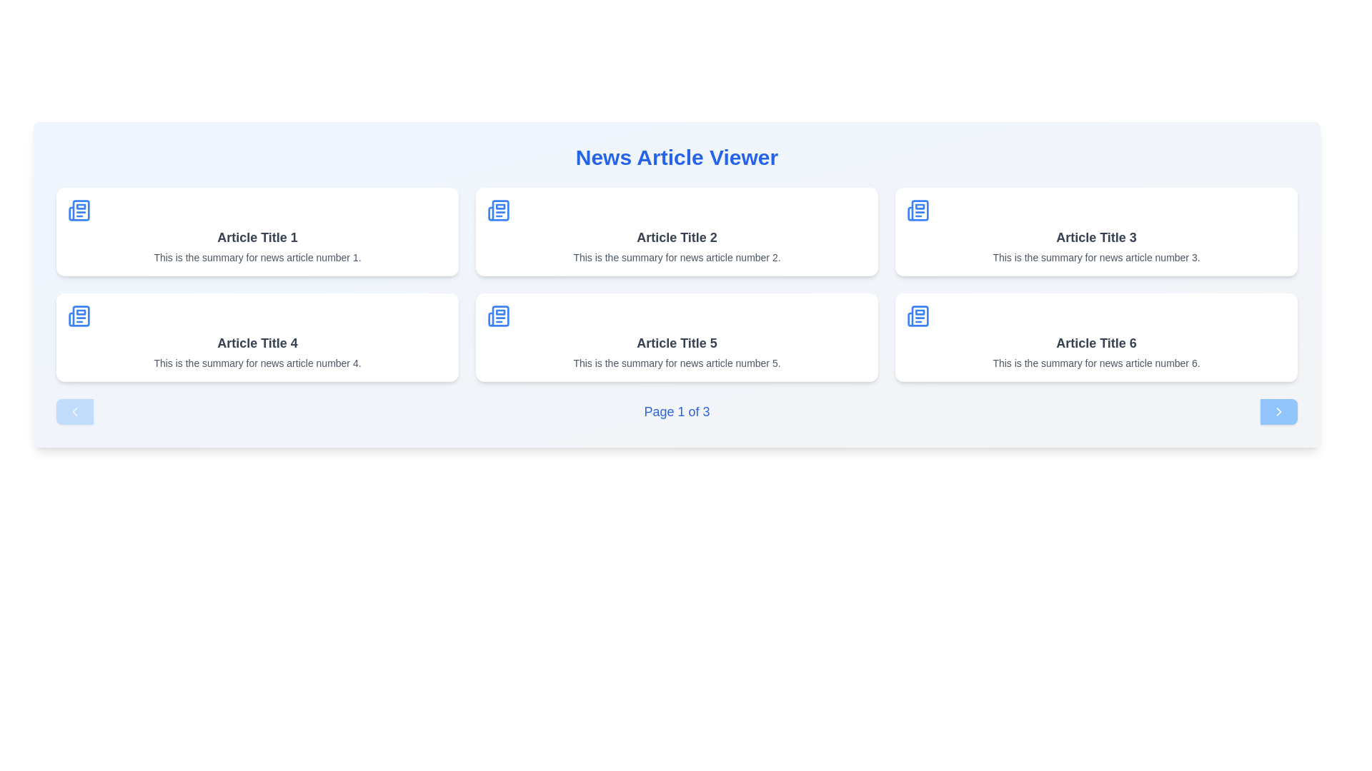 Image resolution: width=1372 pixels, height=771 pixels. Describe the element at coordinates (676, 412) in the screenshot. I see `the text block displaying 'Page 1 of 3' which is centrally aligned in the navigation bar at the bottom of the page` at that location.